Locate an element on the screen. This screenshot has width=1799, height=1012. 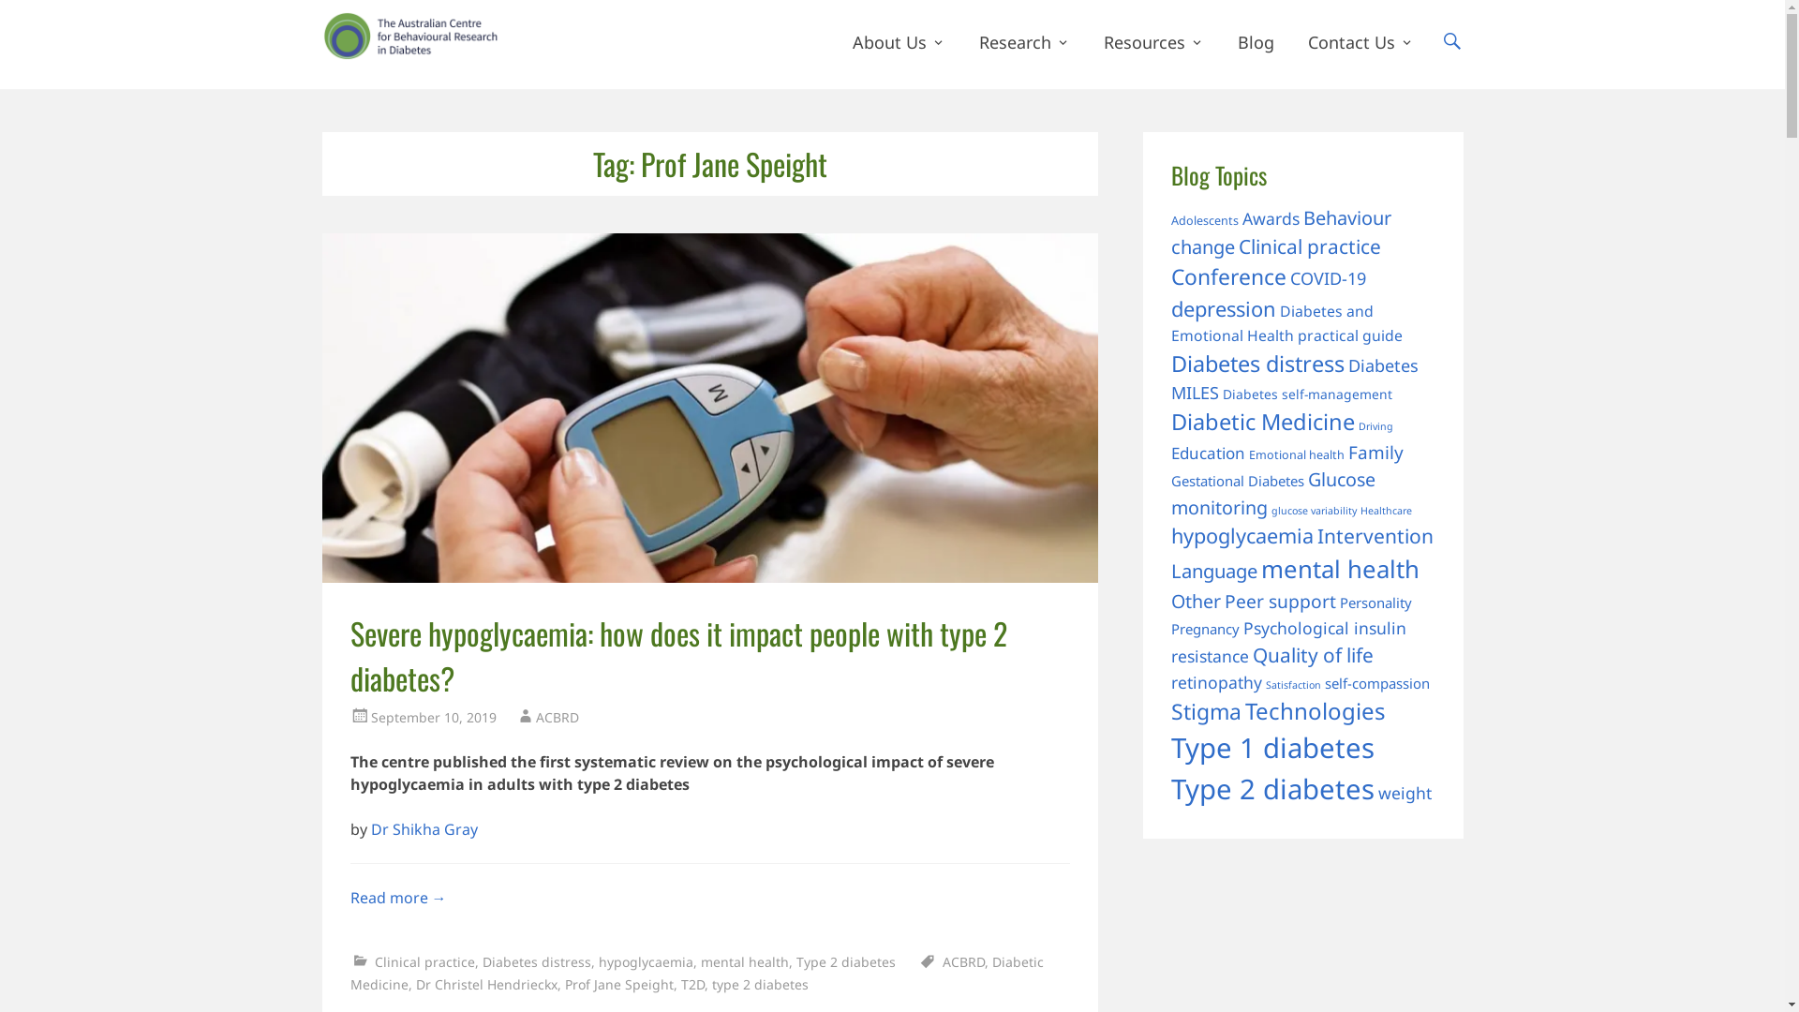
'Technologies' is located at coordinates (1314, 710).